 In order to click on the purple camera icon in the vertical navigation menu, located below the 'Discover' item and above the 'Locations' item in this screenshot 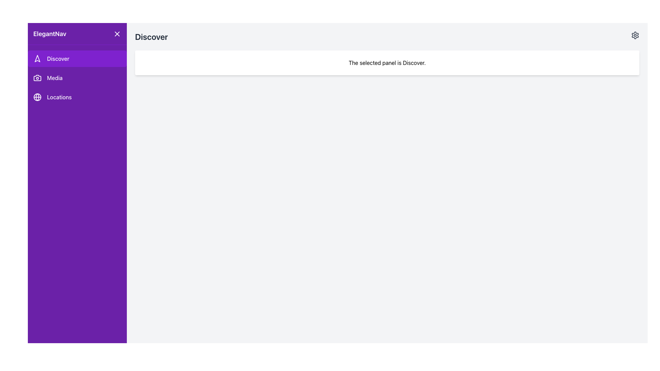, I will do `click(37, 78)`.